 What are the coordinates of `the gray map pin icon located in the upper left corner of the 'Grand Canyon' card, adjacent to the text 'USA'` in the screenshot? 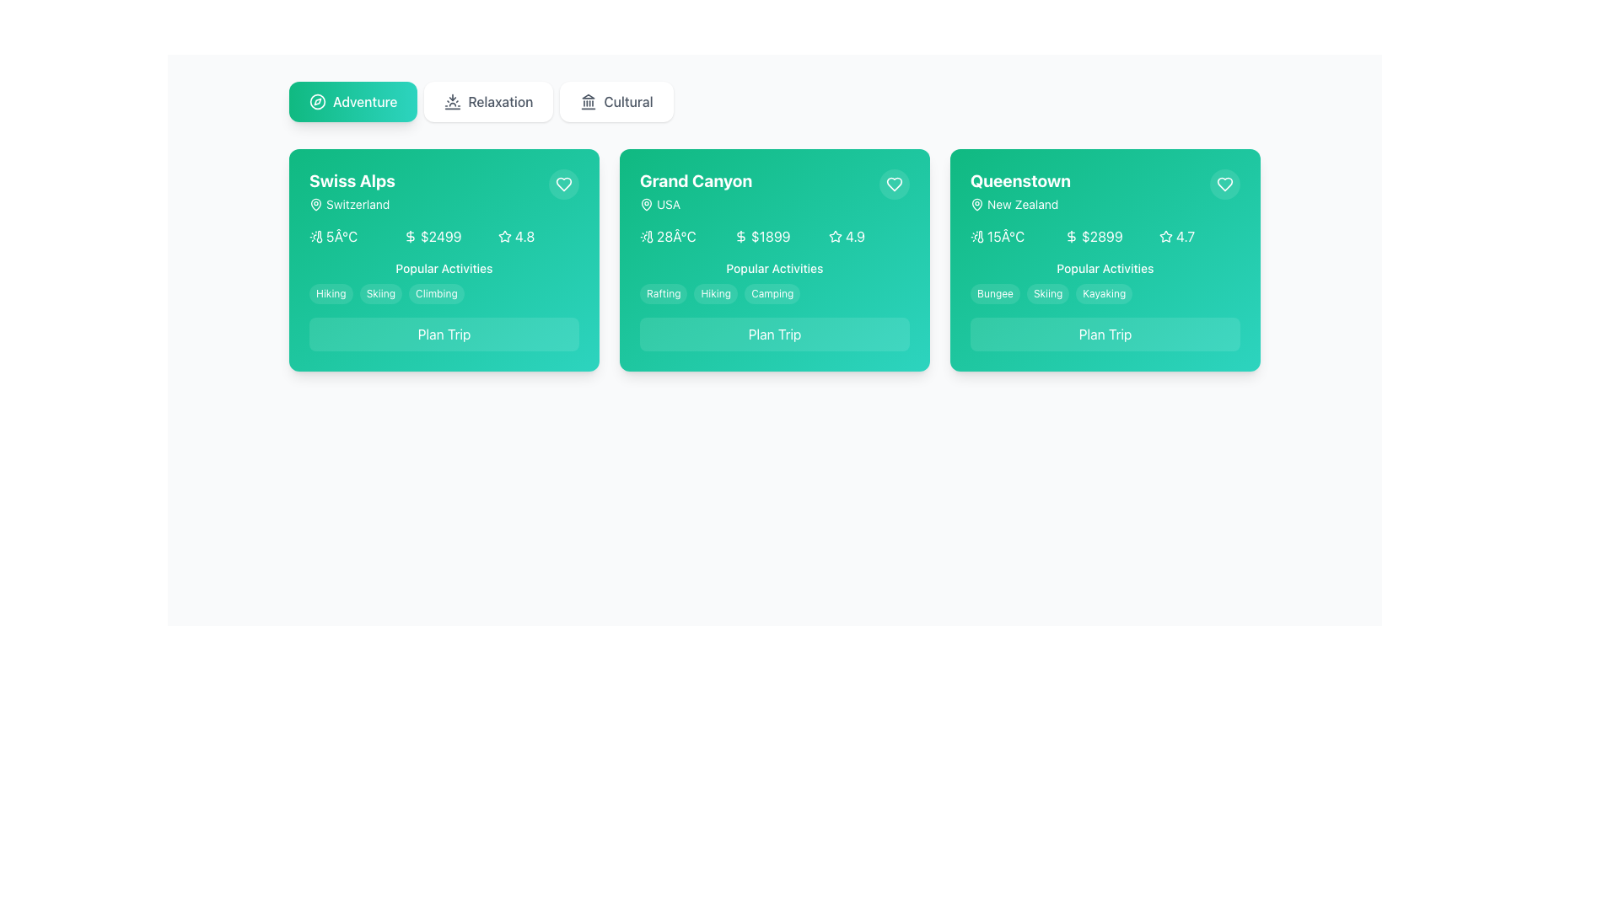 It's located at (646, 204).